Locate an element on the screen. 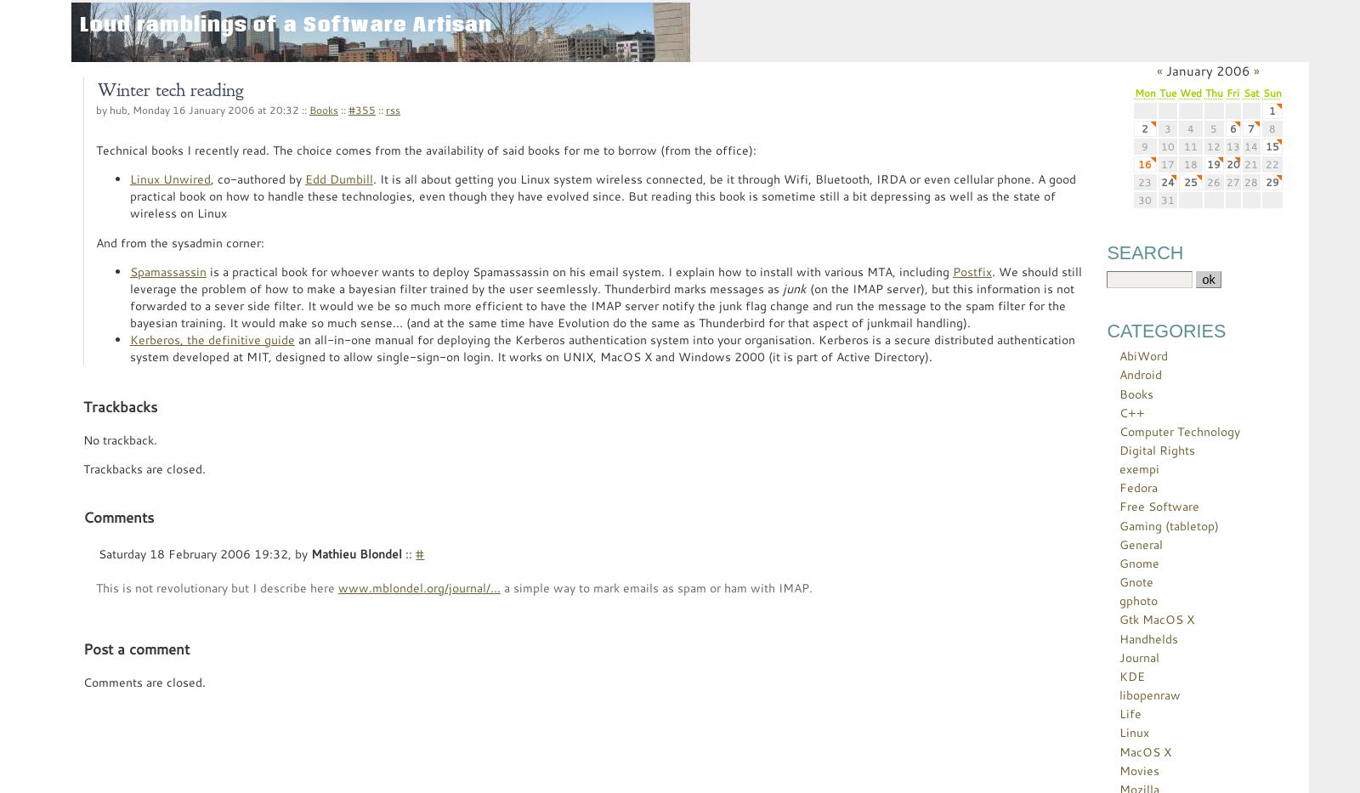  '2' is located at coordinates (1144, 127).